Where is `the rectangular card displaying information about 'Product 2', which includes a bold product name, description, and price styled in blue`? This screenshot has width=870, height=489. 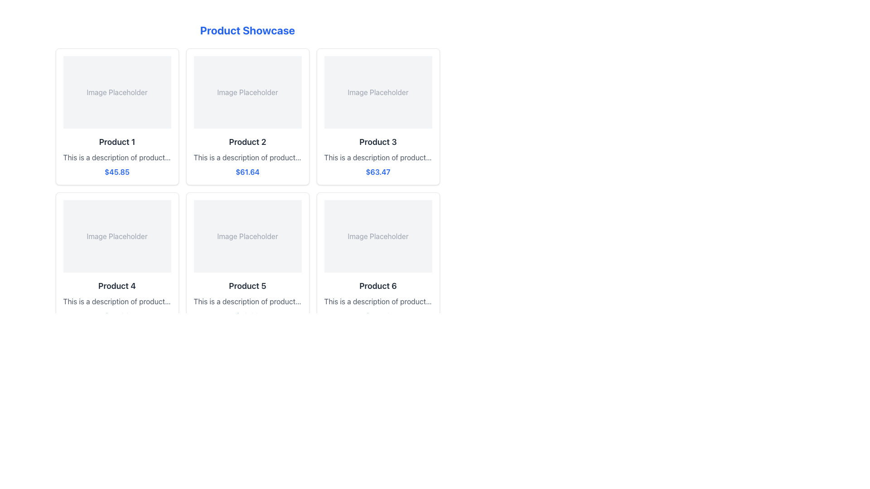 the rectangular card displaying information about 'Product 2', which includes a bold product name, description, and price styled in blue is located at coordinates (247, 116).